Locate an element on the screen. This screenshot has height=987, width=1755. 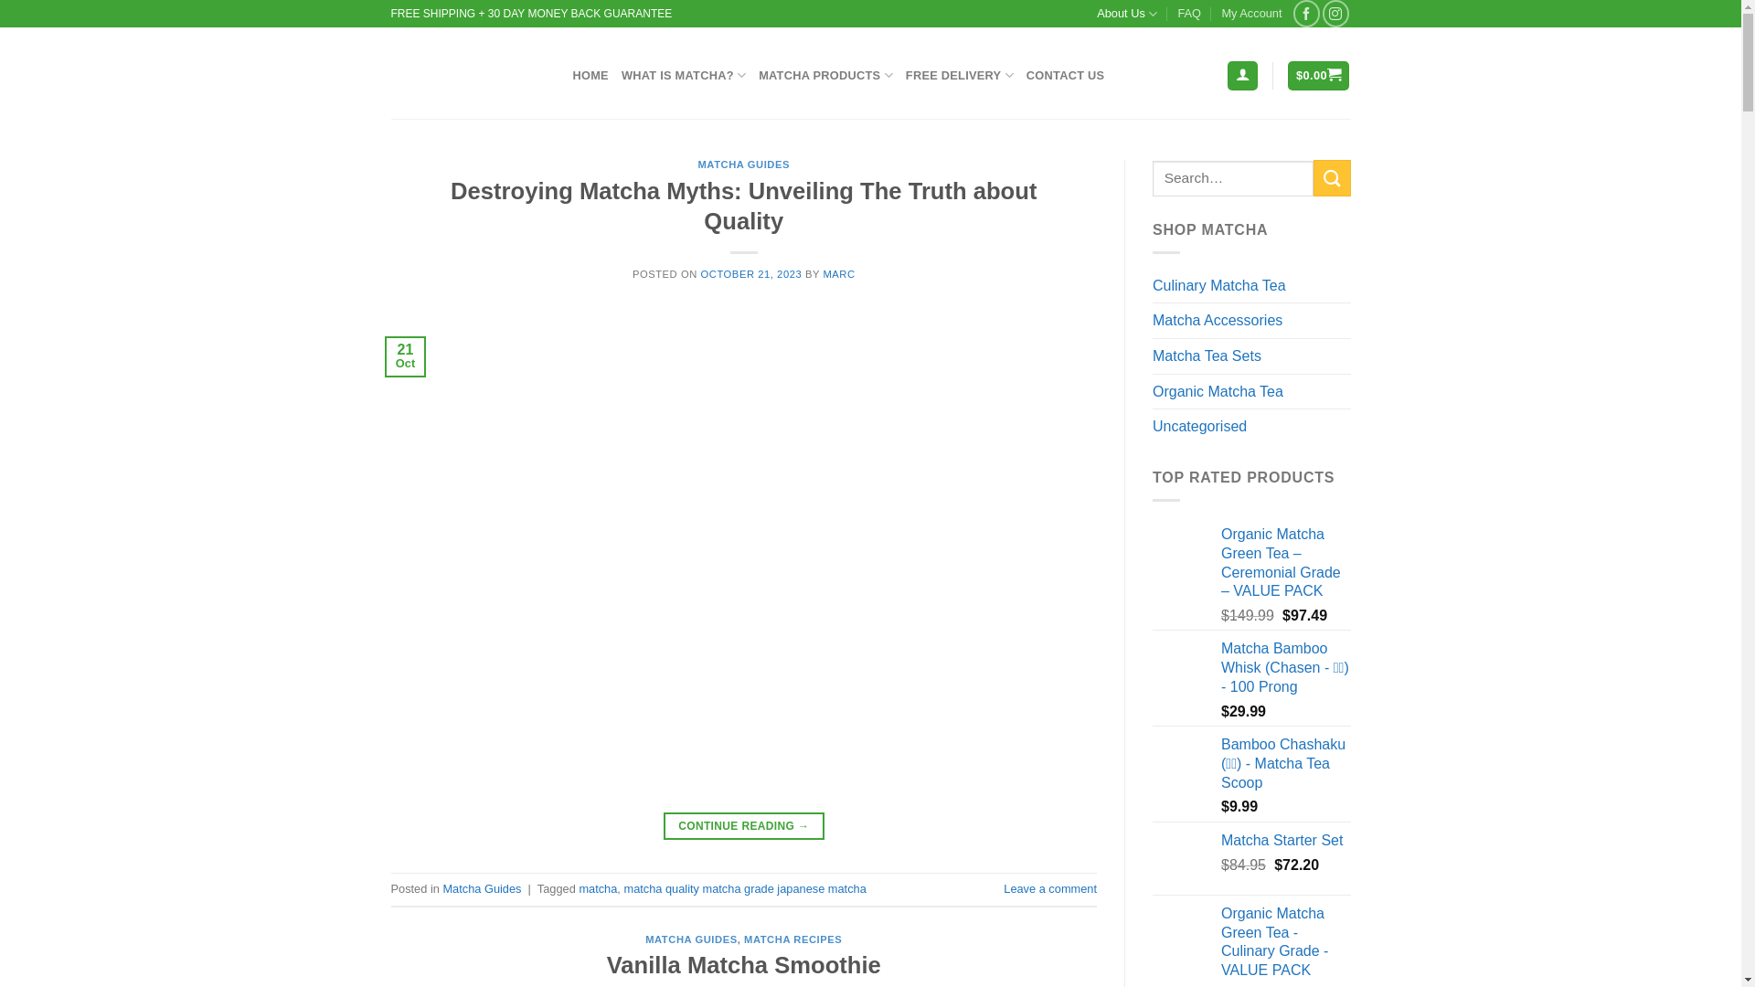
'MARC' is located at coordinates (837, 274).